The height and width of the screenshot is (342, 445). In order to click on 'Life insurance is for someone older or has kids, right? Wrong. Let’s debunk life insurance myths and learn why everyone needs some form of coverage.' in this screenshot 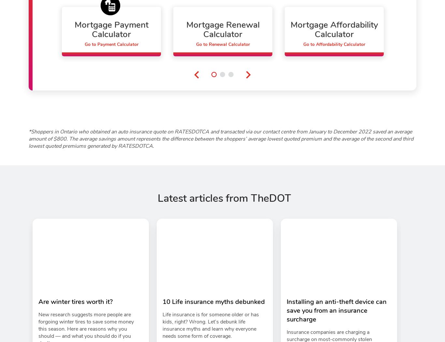, I will do `click(210, 325)`.